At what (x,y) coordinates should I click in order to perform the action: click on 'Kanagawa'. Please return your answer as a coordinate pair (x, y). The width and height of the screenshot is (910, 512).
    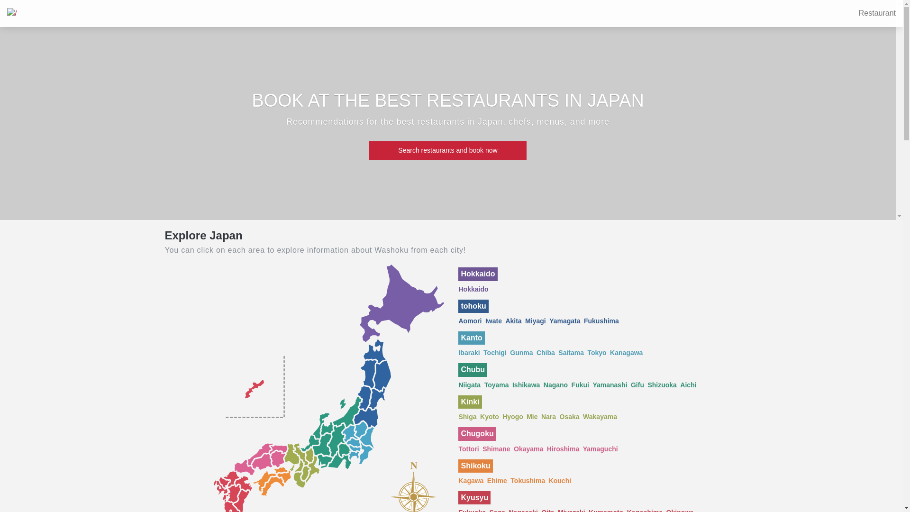
    Looking at the image, I should click on (626, 353).